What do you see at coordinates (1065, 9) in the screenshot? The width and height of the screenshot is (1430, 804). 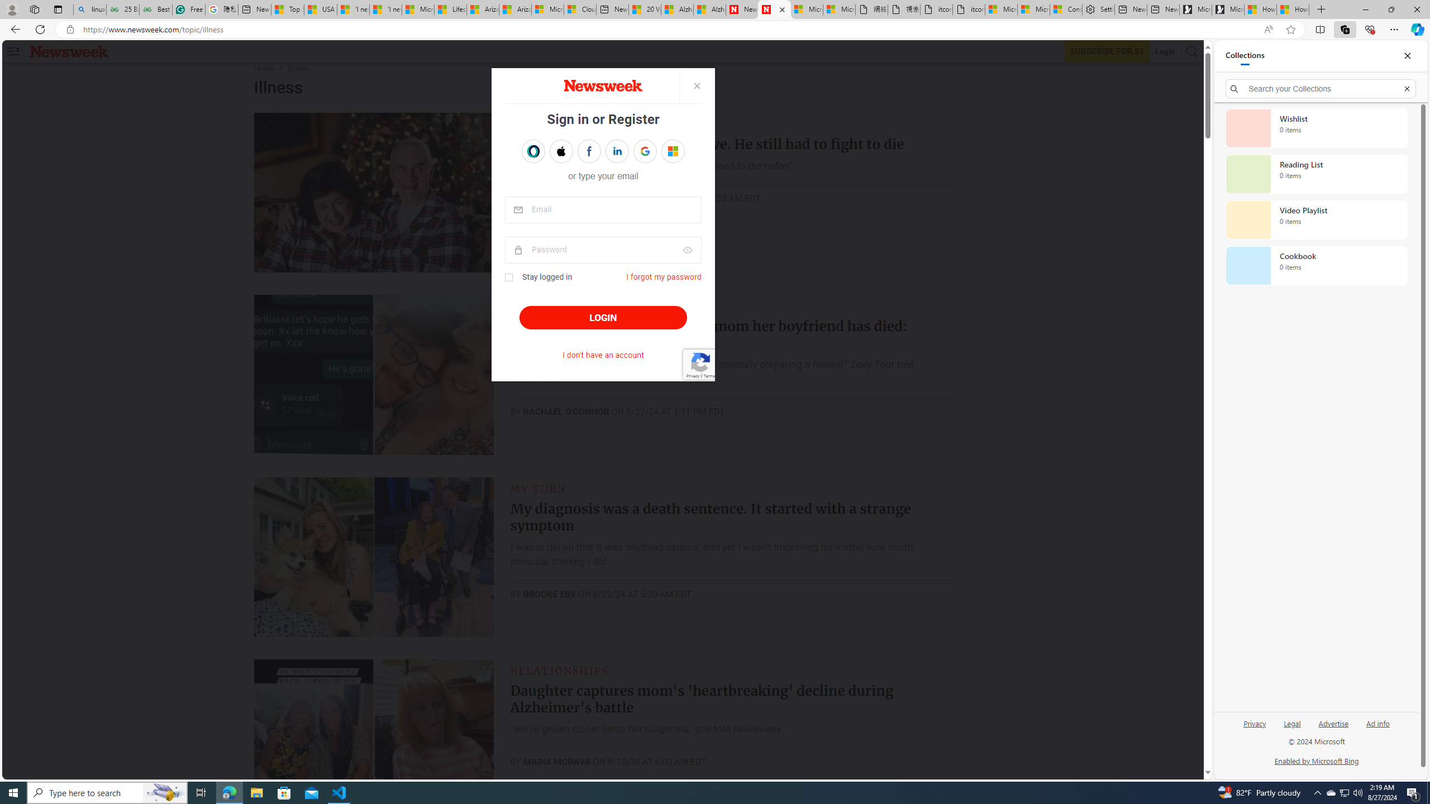 I see `'Consumer Health Data Privacy Policy'` at bounding box center [1065, 9].